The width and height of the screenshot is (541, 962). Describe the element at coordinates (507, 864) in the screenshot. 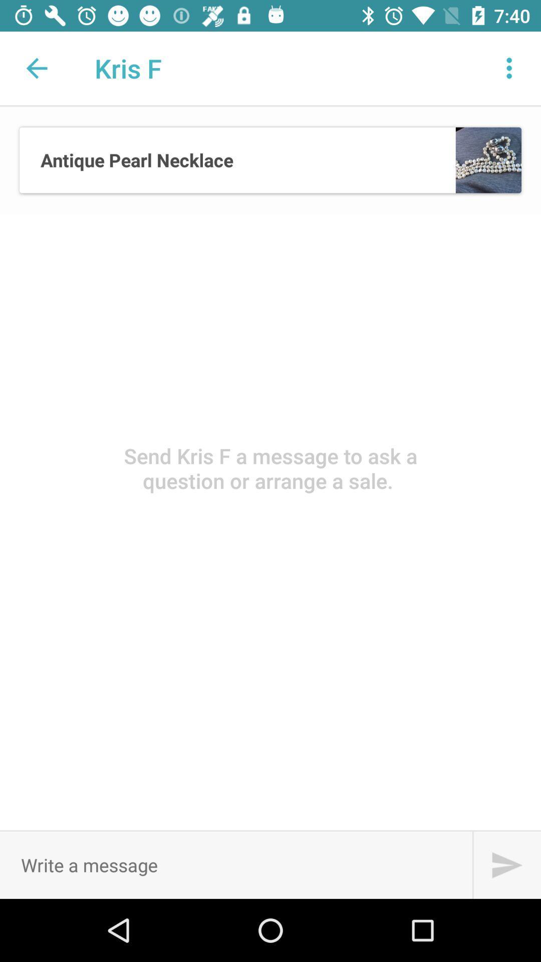

I see `search box` at that location.